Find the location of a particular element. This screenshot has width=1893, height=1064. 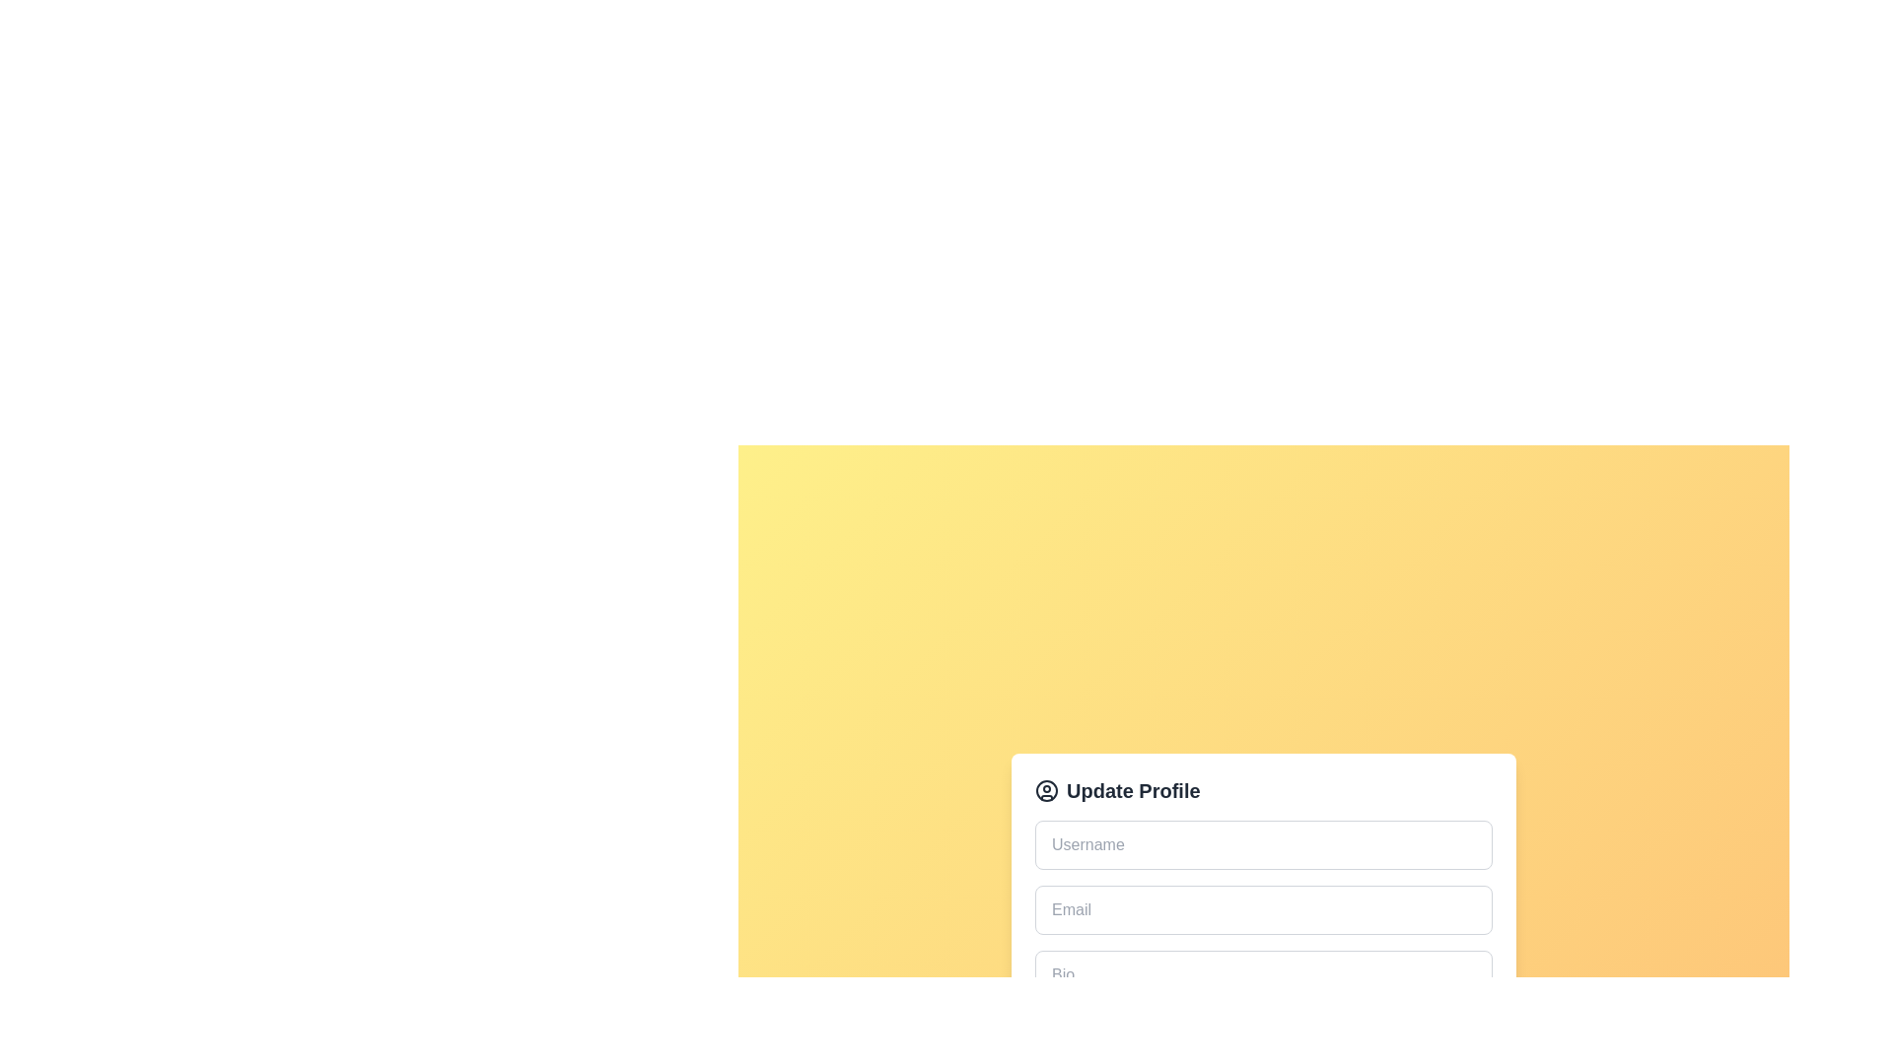

the circular user profile icon located to the left of the 'Update Profile' text in the header is located at coordinates (1045, 789).